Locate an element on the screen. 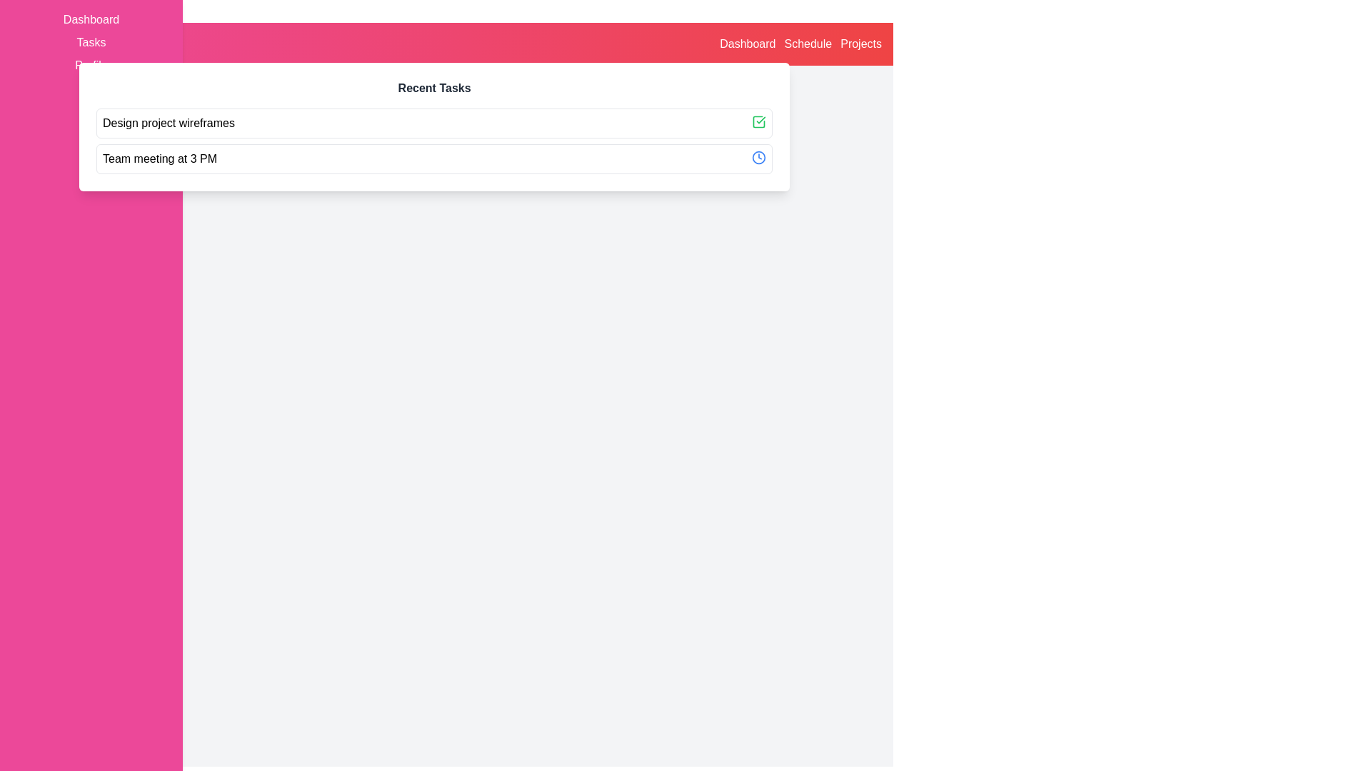 The height and width of the screenshot is (771, 1371). the icon indicating task completion located on the far right of the 'Design project wireframes' row is located at coordinates (758, 121).